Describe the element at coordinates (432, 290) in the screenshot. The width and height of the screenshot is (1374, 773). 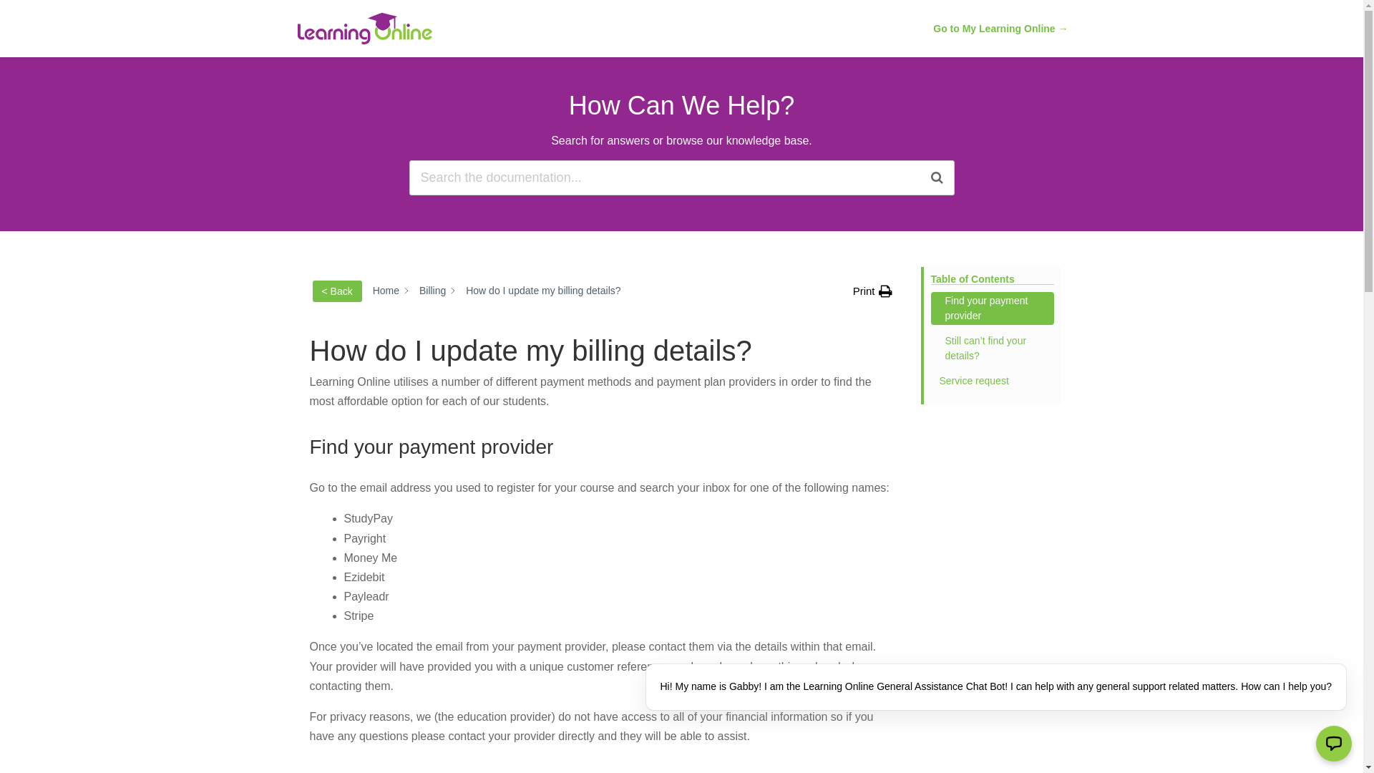
I see `'Billing'` at that location.